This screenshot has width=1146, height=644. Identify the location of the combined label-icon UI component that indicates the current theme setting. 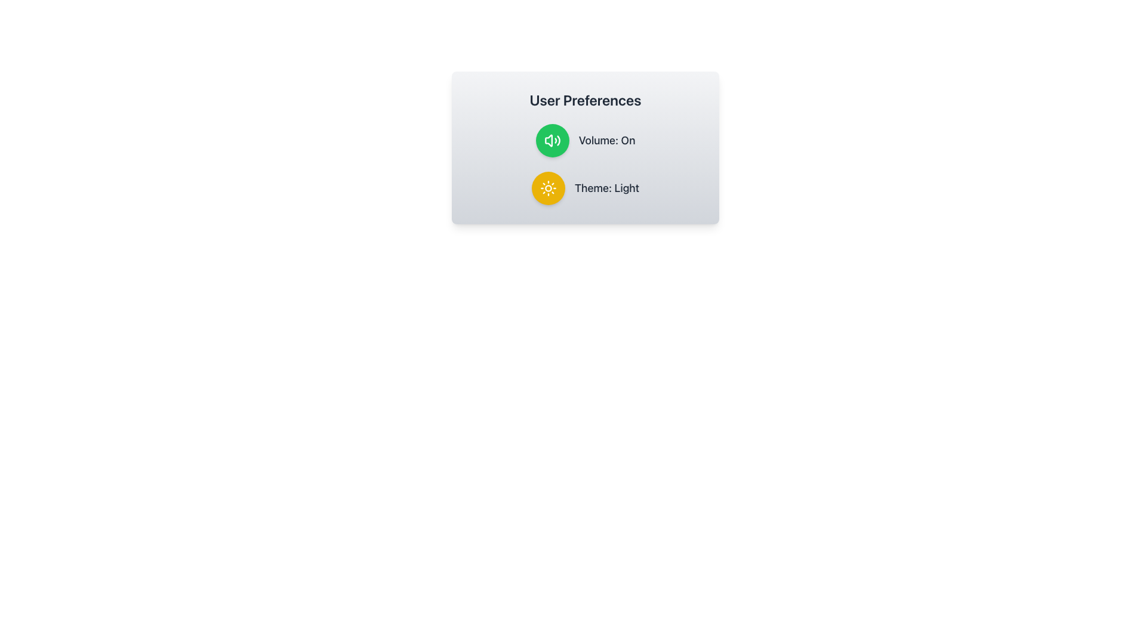
(585, 188).